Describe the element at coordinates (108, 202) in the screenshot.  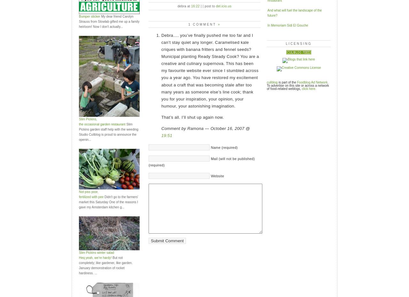
I see `'Didn't go to the farmers' market this Saturday

One of the reasons I gave my Amsterdam kitchen g...'` at that location.